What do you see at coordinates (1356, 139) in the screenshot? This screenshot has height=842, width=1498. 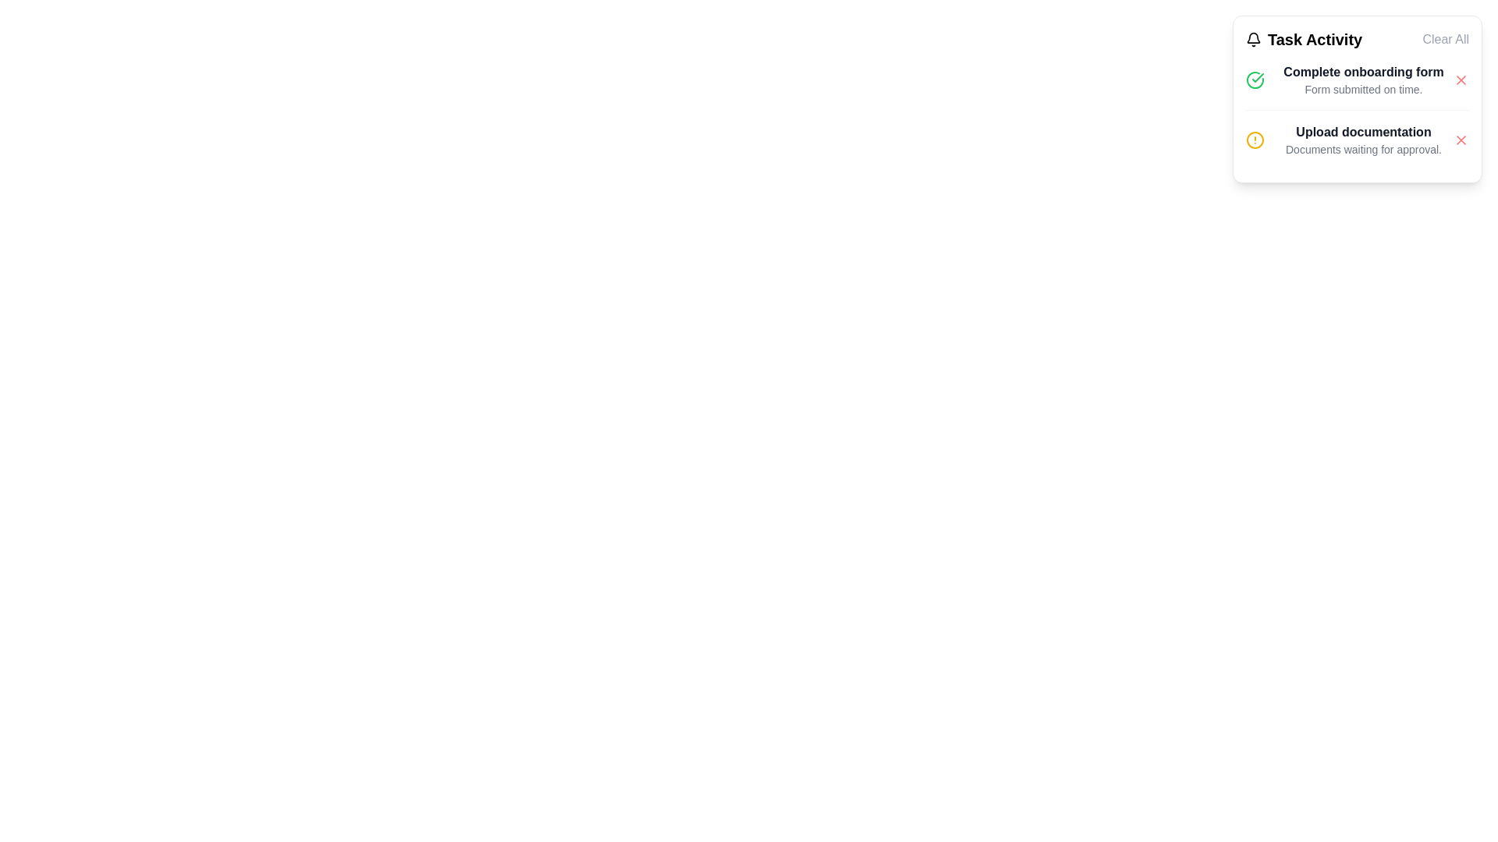 I see `the second task notification entry in the 'Task Activity' section` at bounding box center [1356, 139].